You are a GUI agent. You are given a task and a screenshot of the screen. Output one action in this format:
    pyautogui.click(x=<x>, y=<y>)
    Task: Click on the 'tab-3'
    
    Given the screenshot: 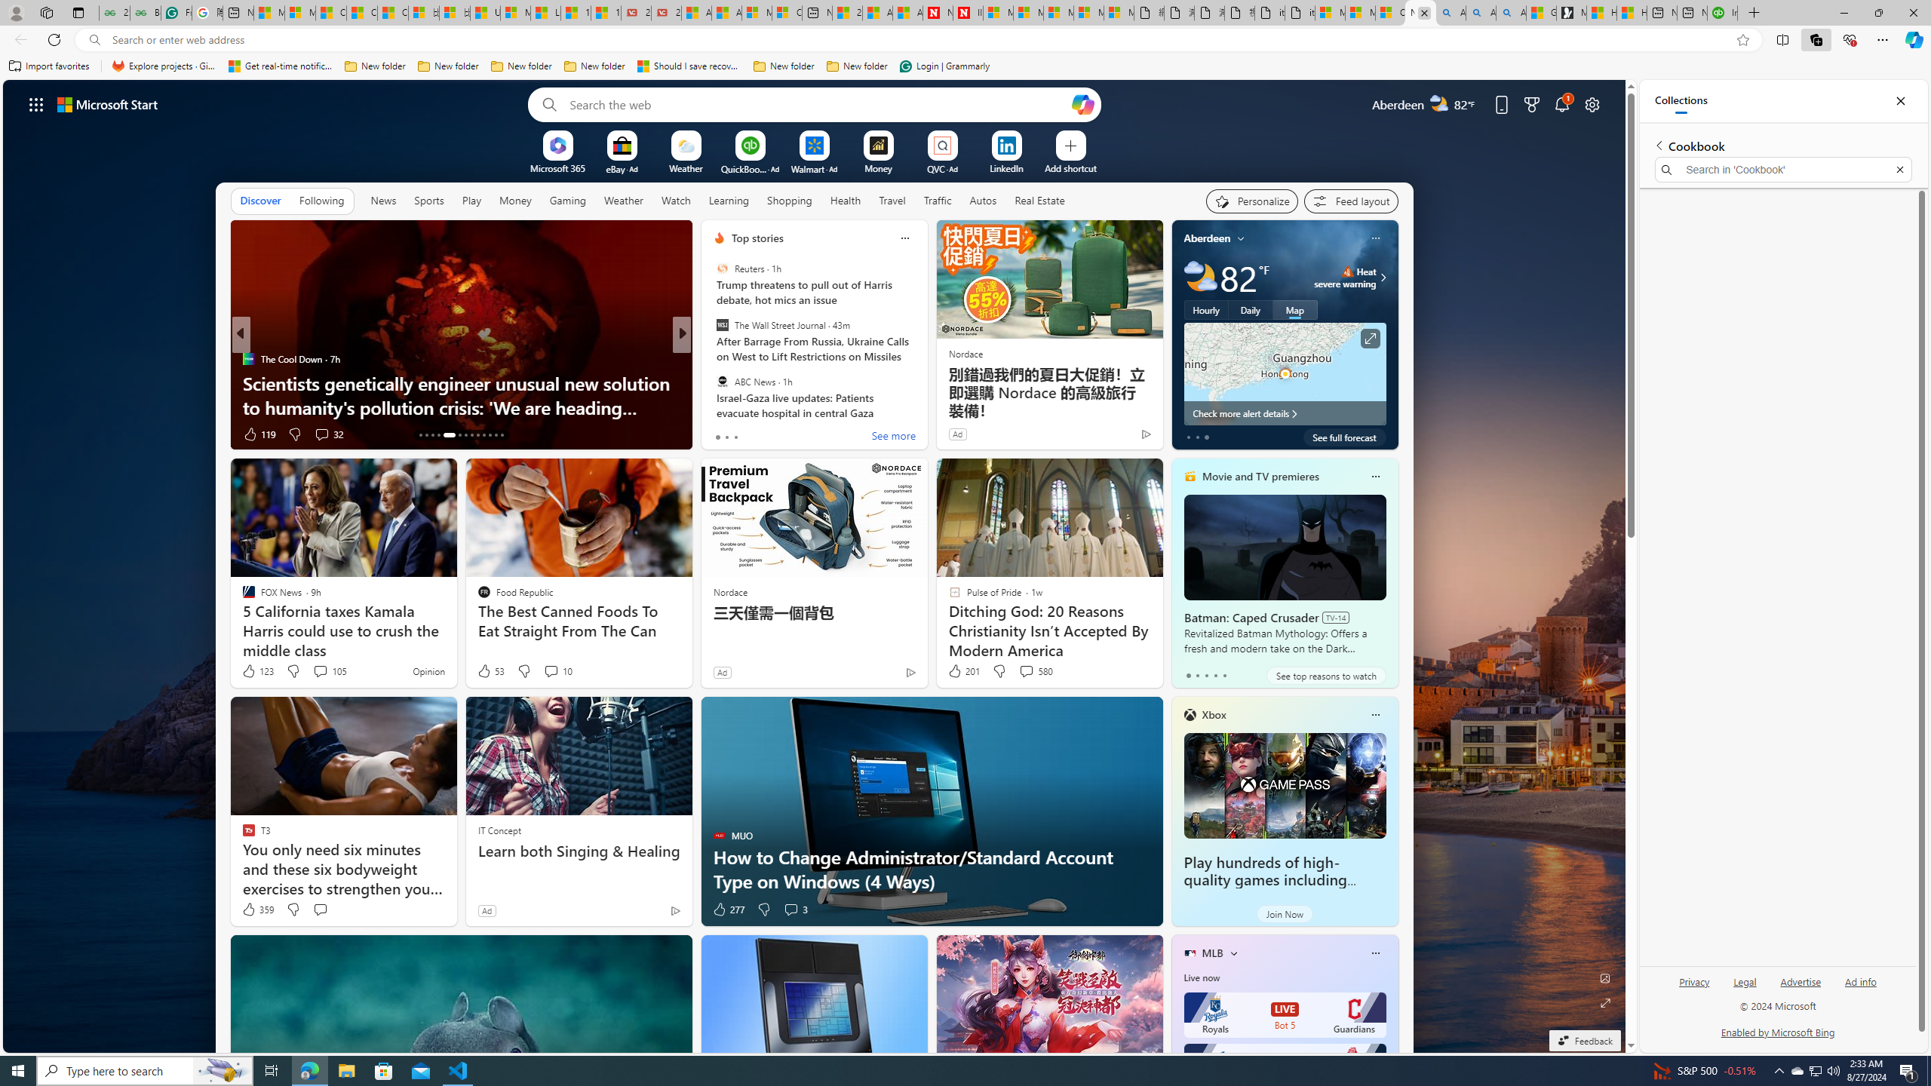 What is the action you would take?
    pyautogui.click(x=1214, y=675)
    